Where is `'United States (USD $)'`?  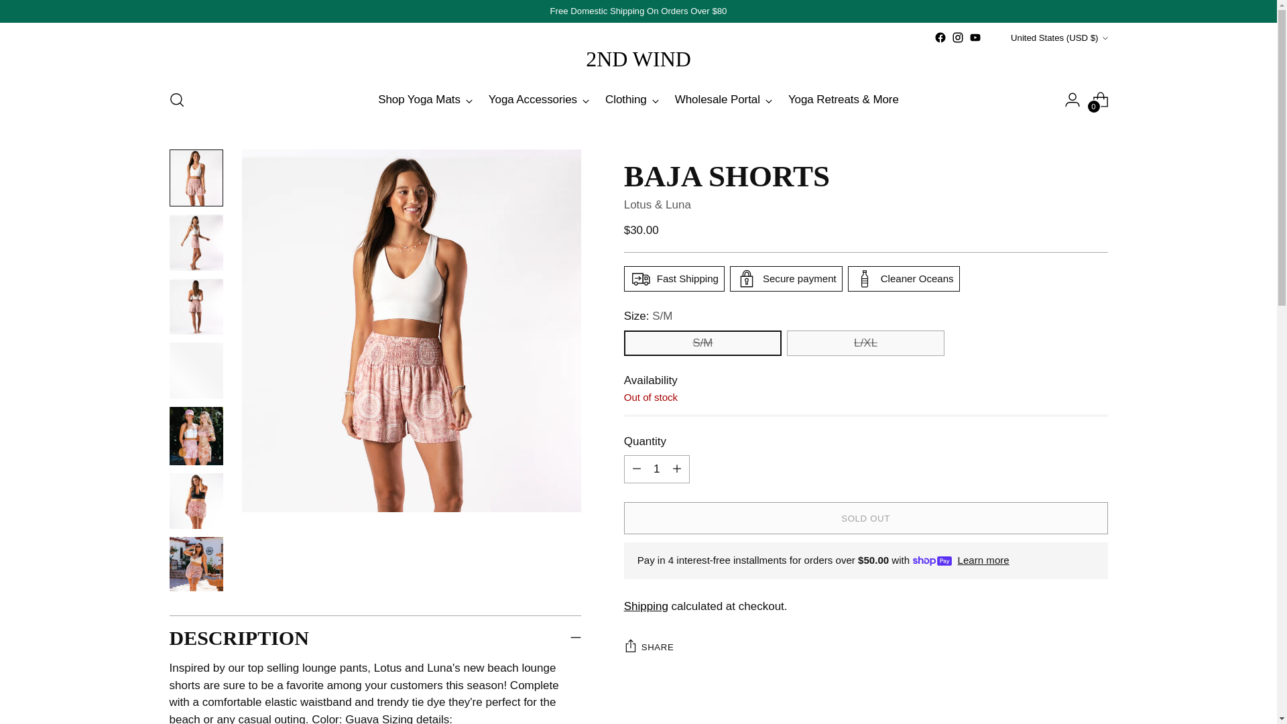
'United States (USD $)' is located at coordinates (994, 37).